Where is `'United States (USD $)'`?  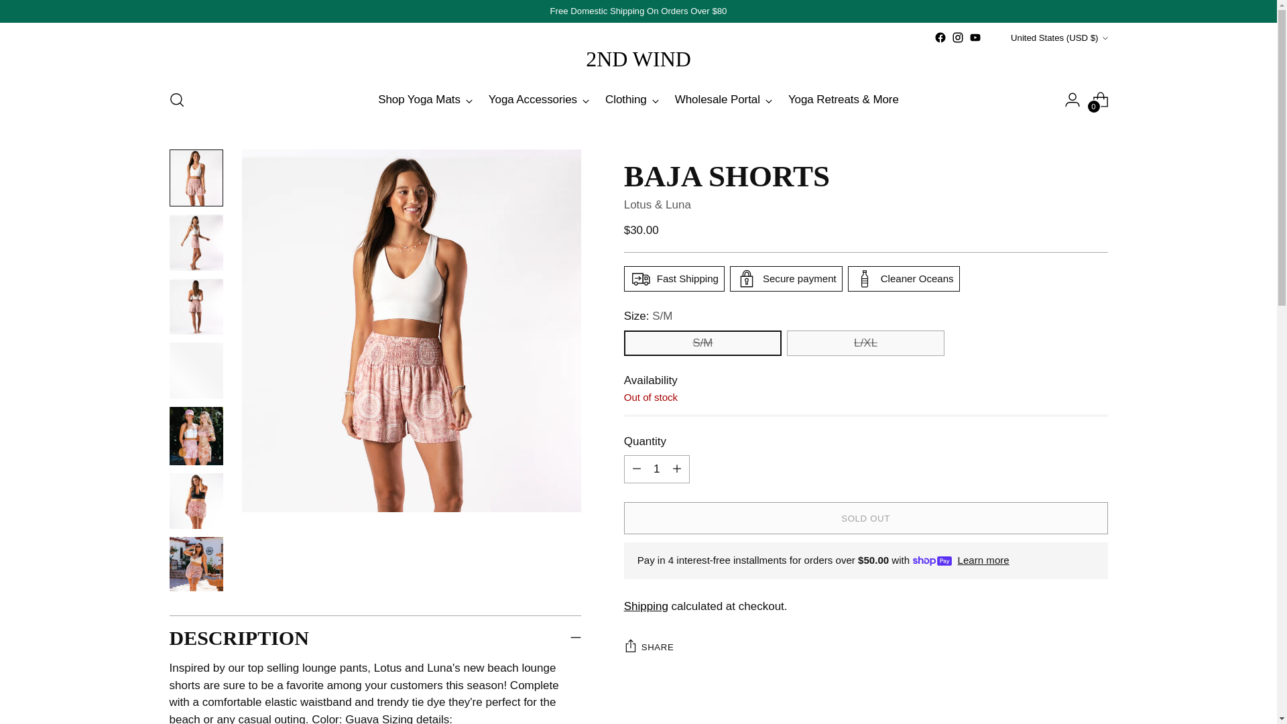
'United States (USD $)' is located at coordinates (994, 37).